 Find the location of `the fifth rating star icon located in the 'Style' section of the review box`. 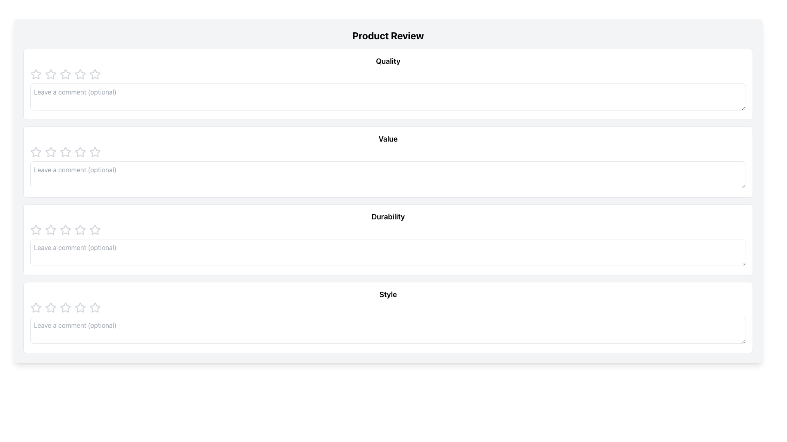

the fifth rating star icon located in the 'Style' section of the review box is located at coordinates (80, 308).